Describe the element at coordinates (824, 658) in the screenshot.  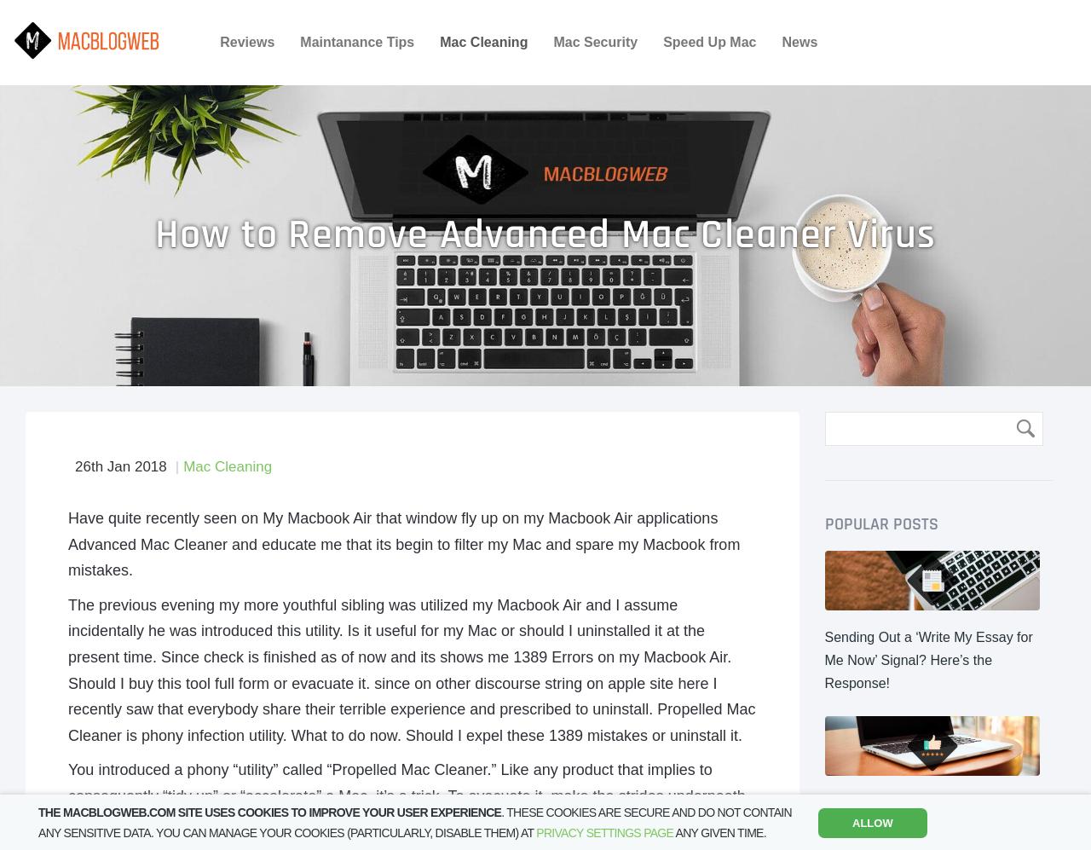
I see `'Sending Out a ‘Write My Essay for Me Now’ Signal? Here’s the Response!'` at that location.